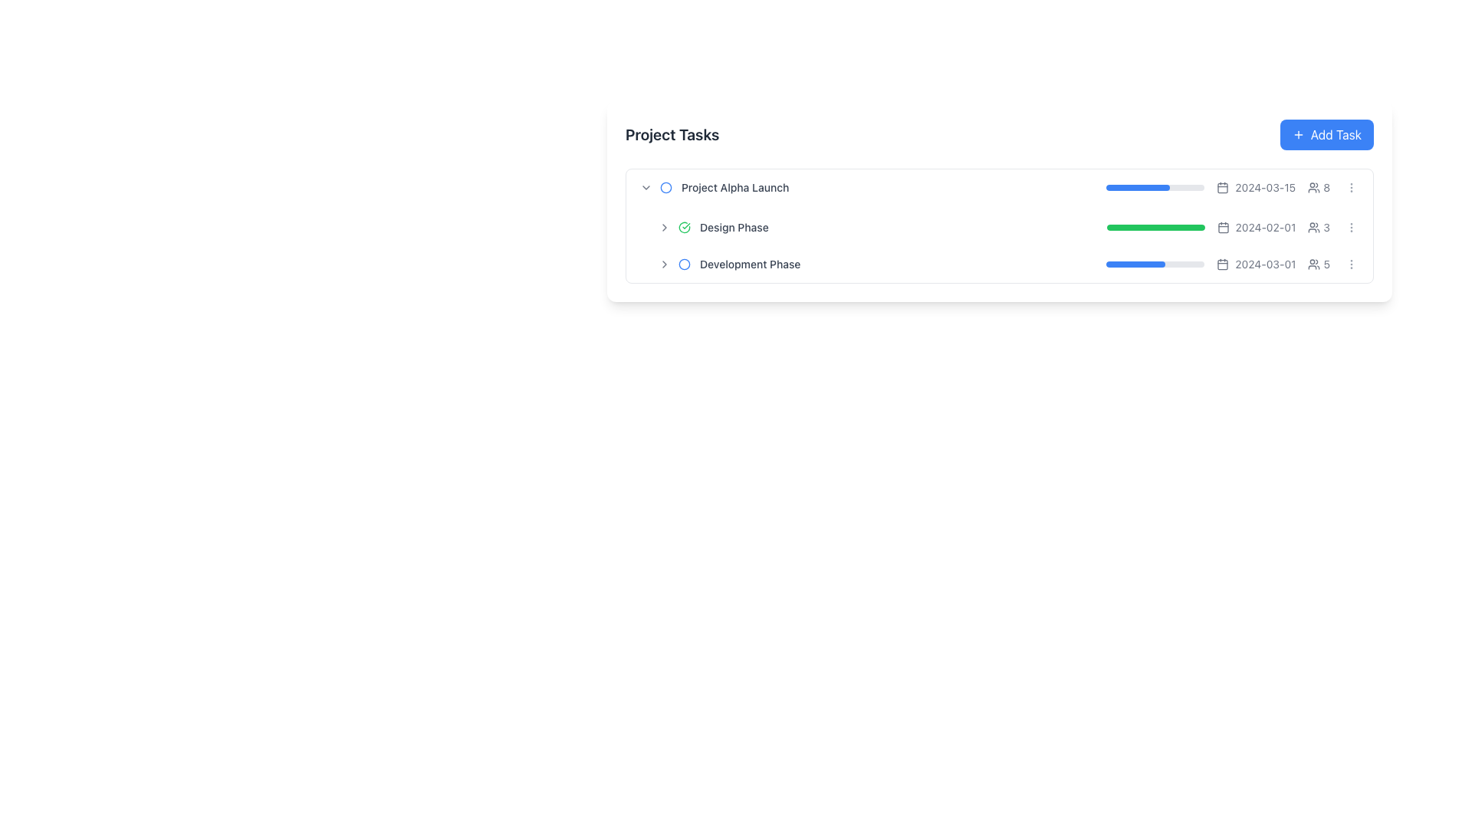 This screenshot has height=828, width=1472. I want to click on the status of the circular, hollow icon with a blue stroke located to the left of the 'Development Phase' text, so click(683, 263).